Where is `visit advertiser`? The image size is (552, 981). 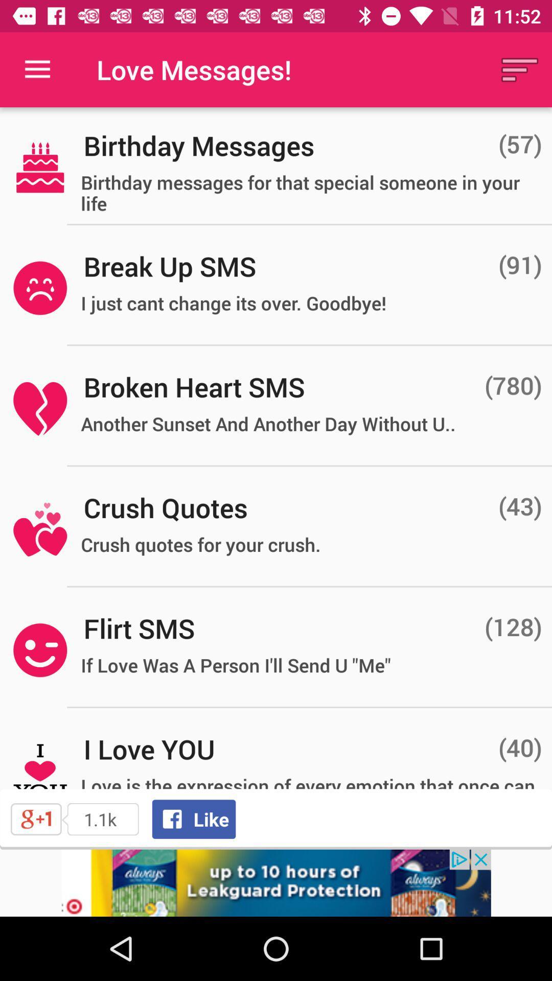
visit advertiser is located at coordinates (276, 882).